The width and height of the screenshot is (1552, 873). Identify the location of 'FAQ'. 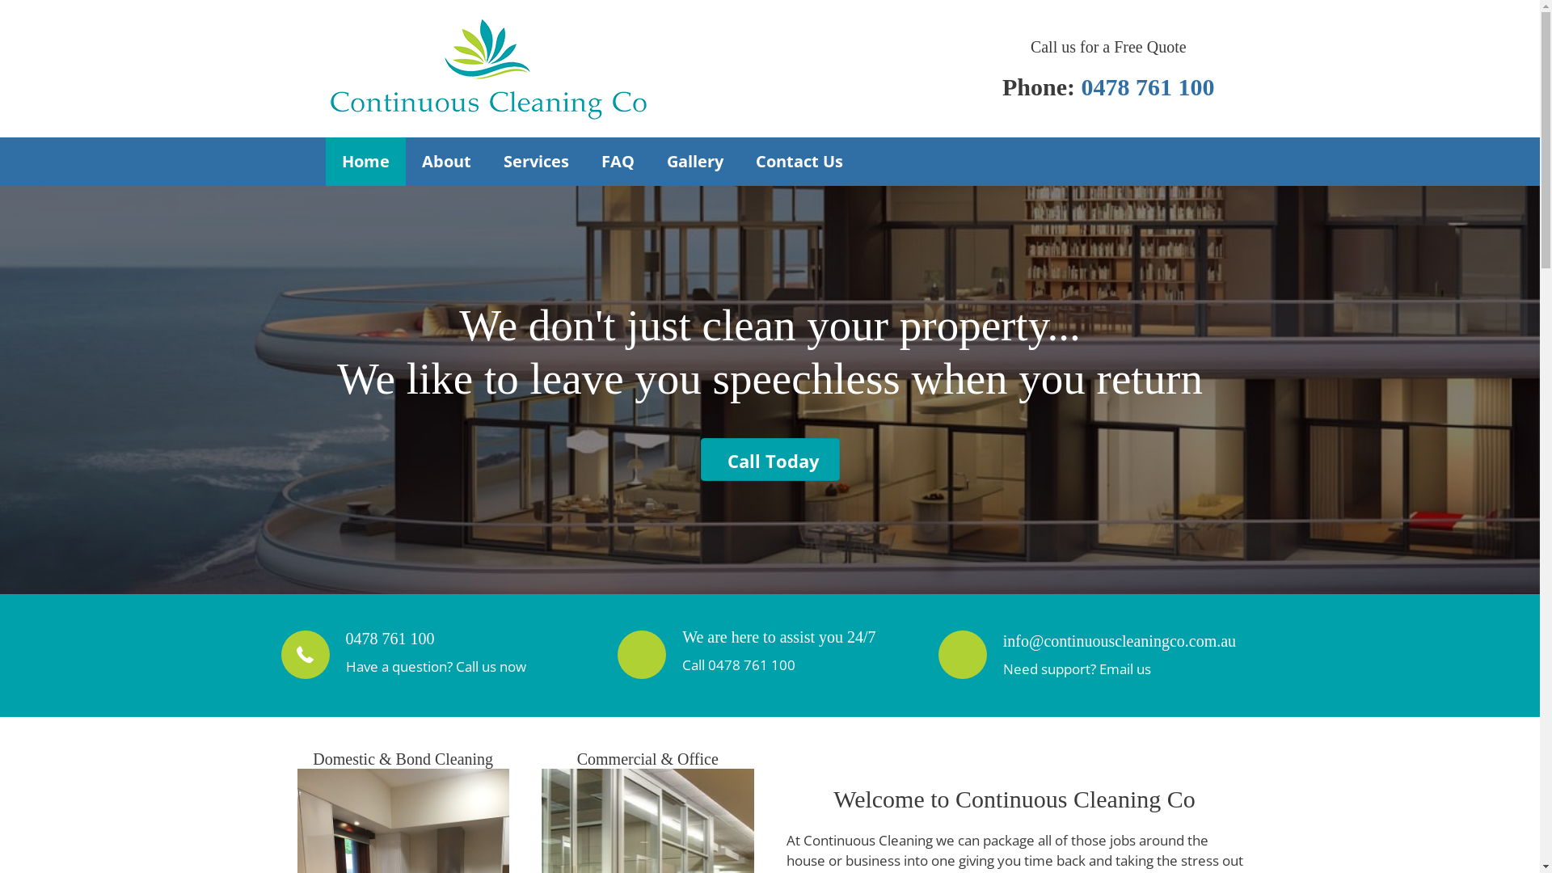
(617, 162).